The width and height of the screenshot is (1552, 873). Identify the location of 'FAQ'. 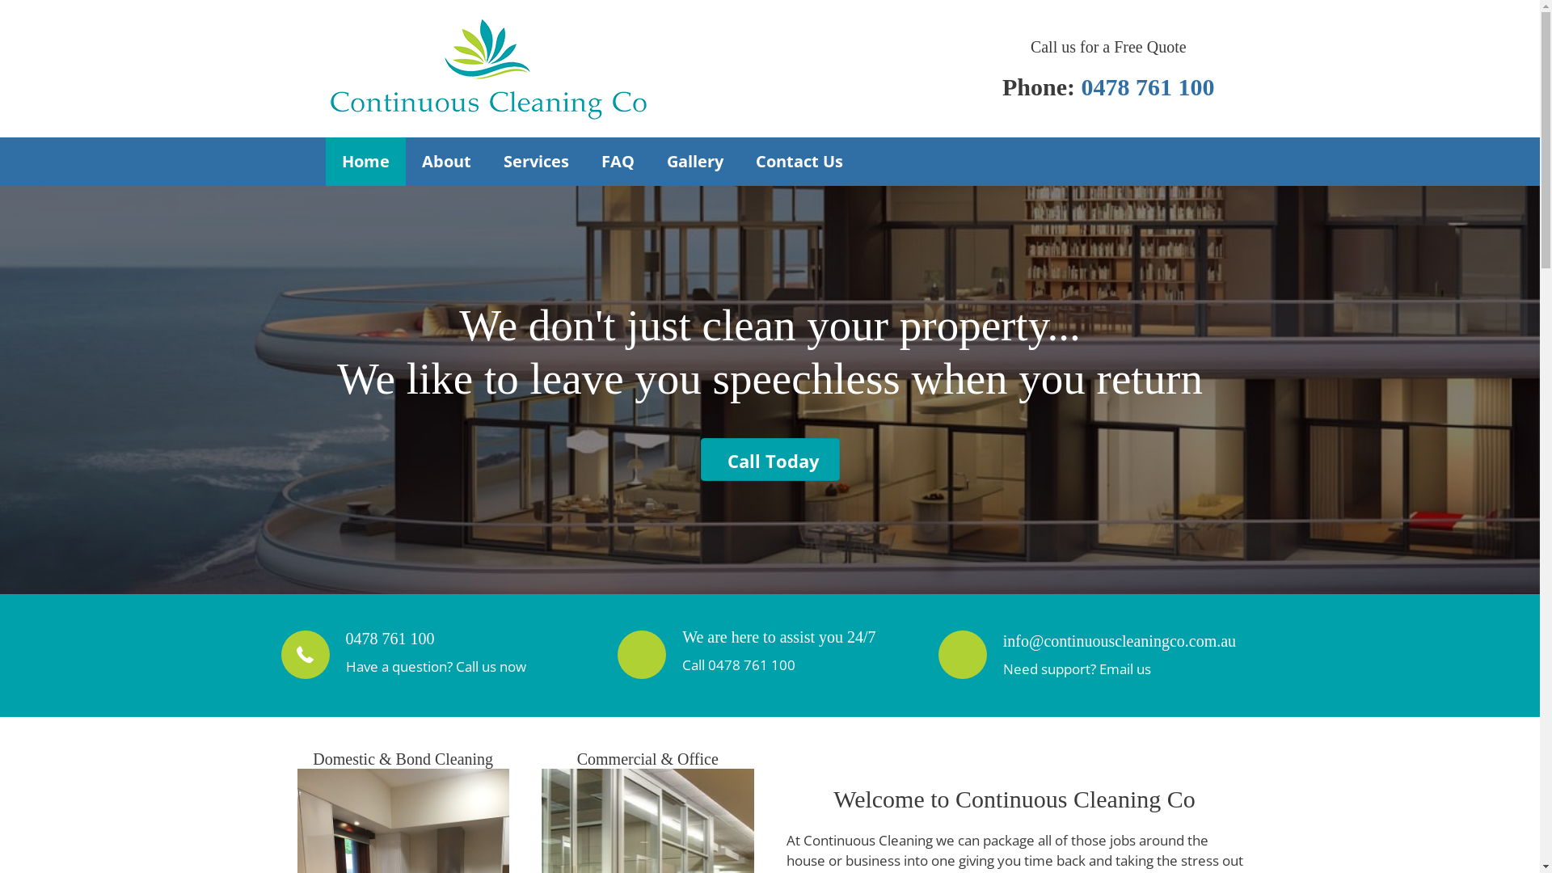
(617, 162).